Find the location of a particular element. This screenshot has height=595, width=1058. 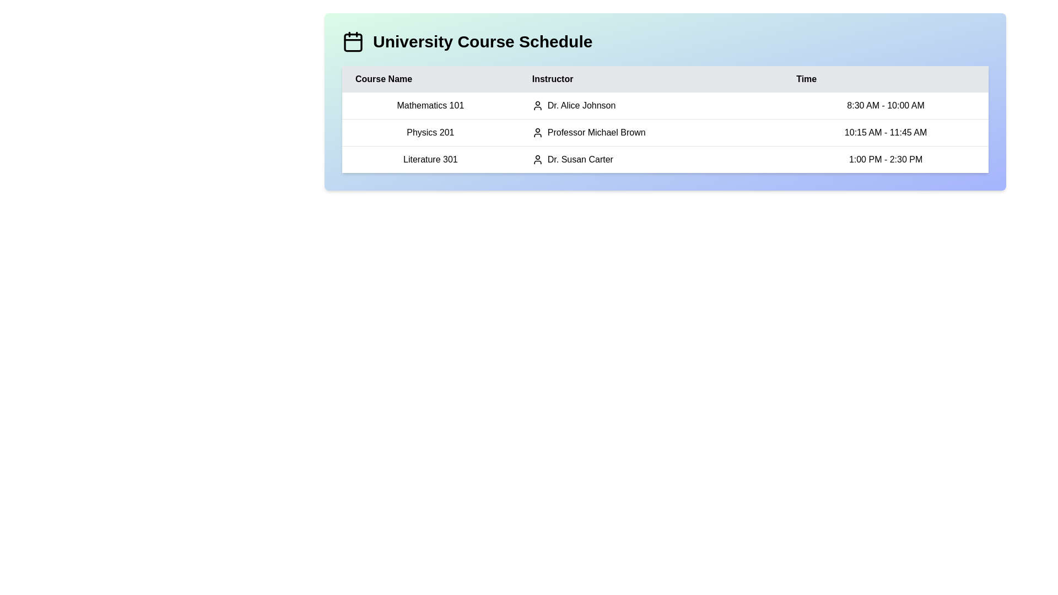

the Label displaying the time '1:00 PM - 2:30 PM' in the schedule for the 'Literature 301' course is located at coordinates (886, 159).